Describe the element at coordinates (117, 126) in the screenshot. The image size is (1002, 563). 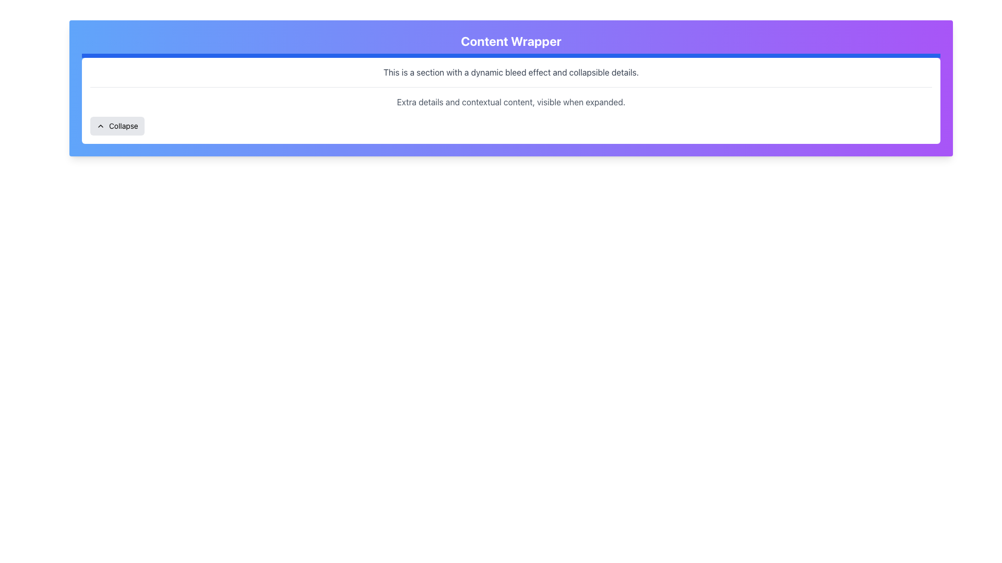
I see `the 'Collapse' button with light gray background and chevron-up icon` at that location.